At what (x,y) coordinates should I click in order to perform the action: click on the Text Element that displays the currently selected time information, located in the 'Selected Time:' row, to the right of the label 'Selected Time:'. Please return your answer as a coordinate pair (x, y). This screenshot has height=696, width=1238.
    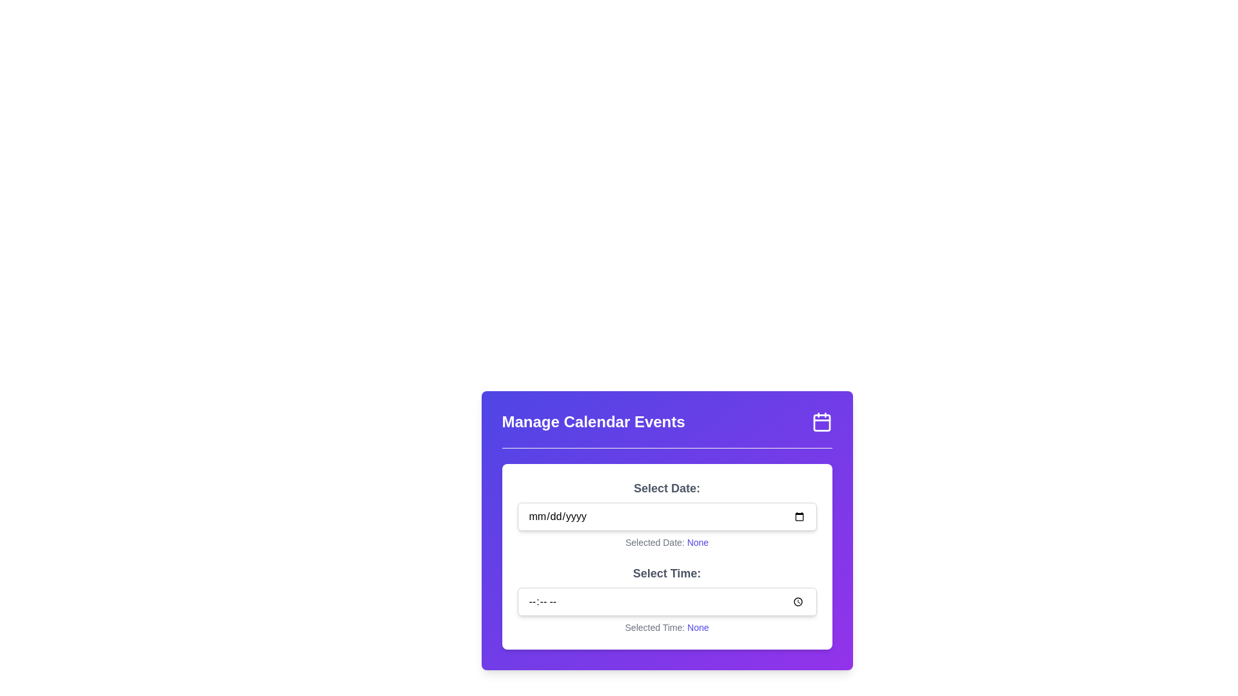
    Looking at the image, I should click on (697, 627).